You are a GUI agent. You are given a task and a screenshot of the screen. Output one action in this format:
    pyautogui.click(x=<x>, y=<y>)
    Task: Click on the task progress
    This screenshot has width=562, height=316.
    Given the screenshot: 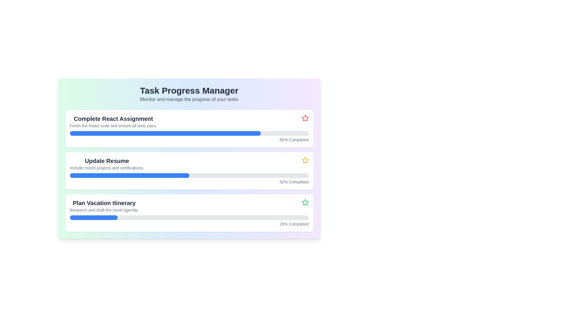 What is the action you would take?
    pyautogui.click(x=287, y=218)
    